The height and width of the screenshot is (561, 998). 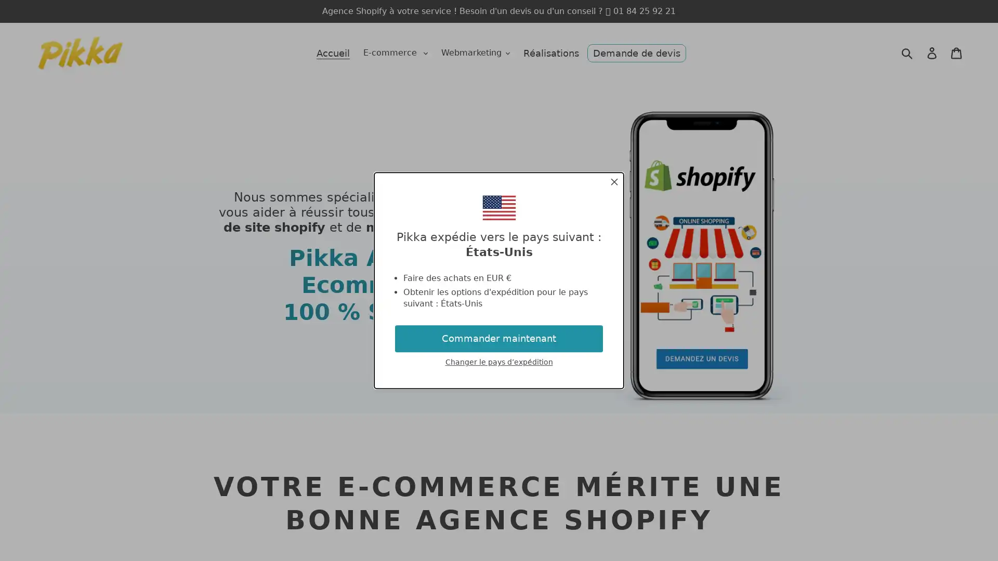 What do you see at coordinates (499, 338) in the screenshot?
I see `Commander maintenant` at bounding box center [499, 338].